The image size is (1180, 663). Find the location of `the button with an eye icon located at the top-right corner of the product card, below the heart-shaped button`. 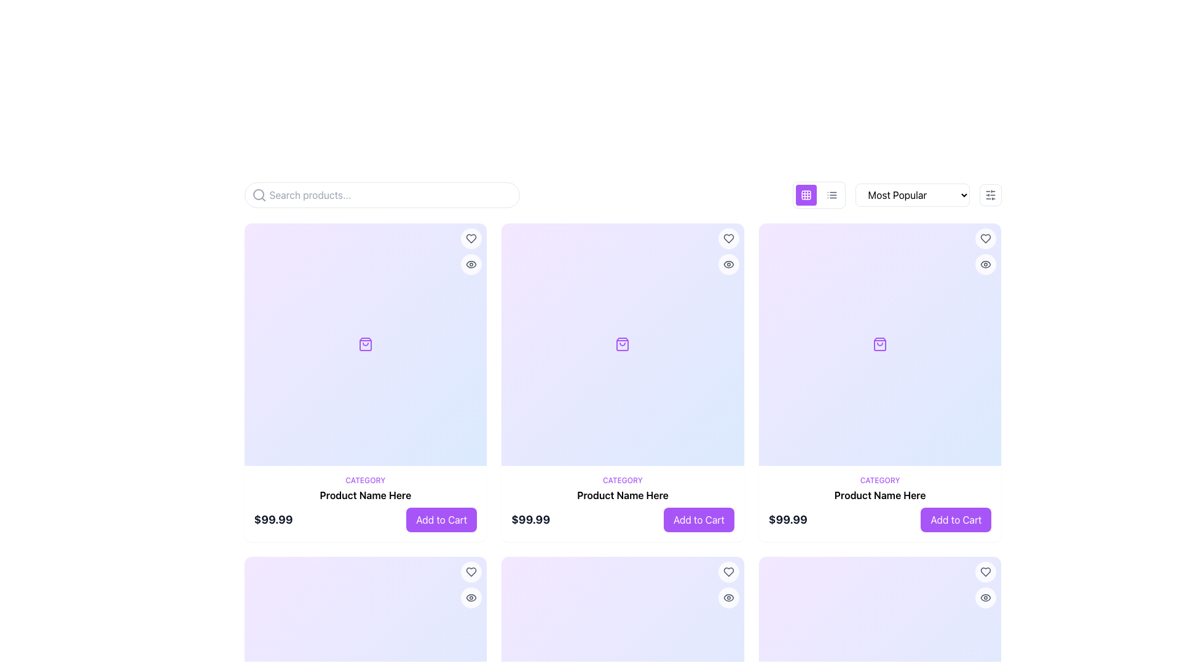

the button with an eye icon located at the top-right corner of the product card, below the heart-shaped button is located at coordinates (986, 264).